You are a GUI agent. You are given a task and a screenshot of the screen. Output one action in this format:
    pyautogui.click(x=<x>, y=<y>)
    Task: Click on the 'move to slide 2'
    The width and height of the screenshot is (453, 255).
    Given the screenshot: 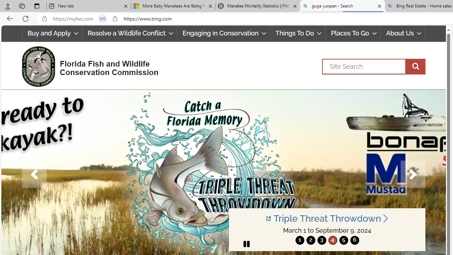 What is the action you would take?
    pyautogui.click(x=311, y=240)
    